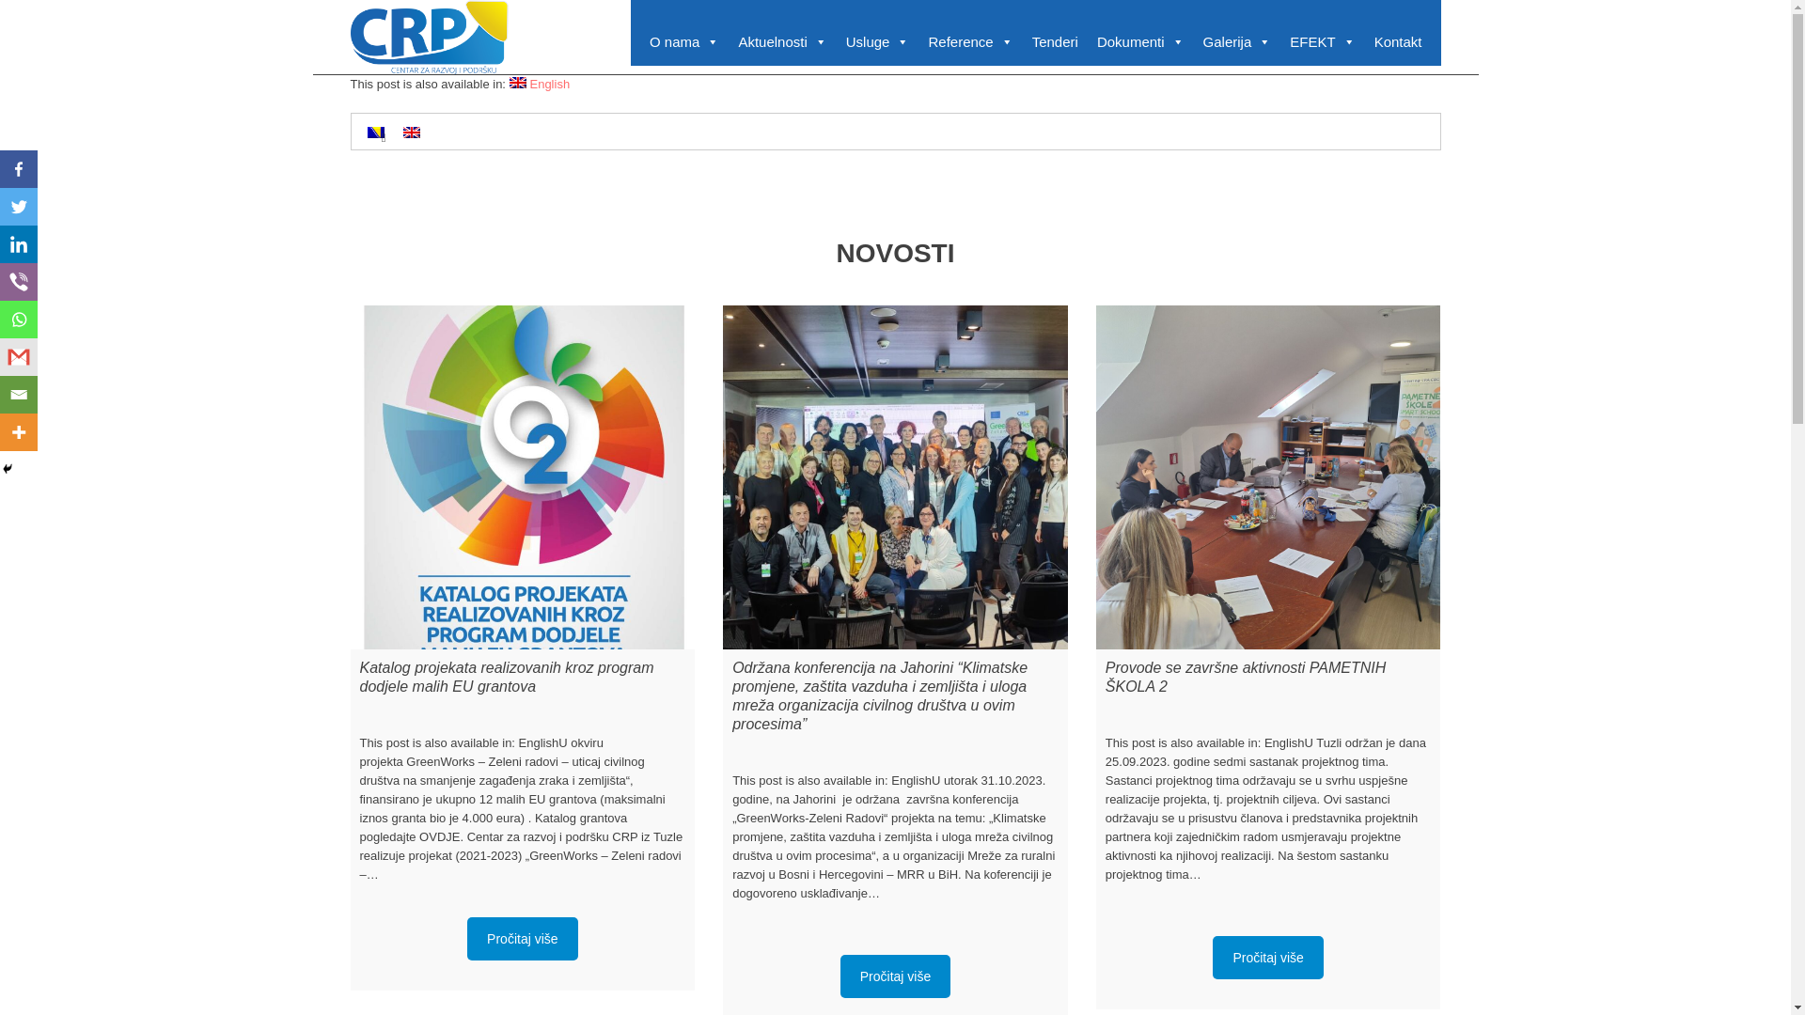  Describe the element at coordinates (1398, 42) in the screenshot. I see `'Kontakt'` at that location.